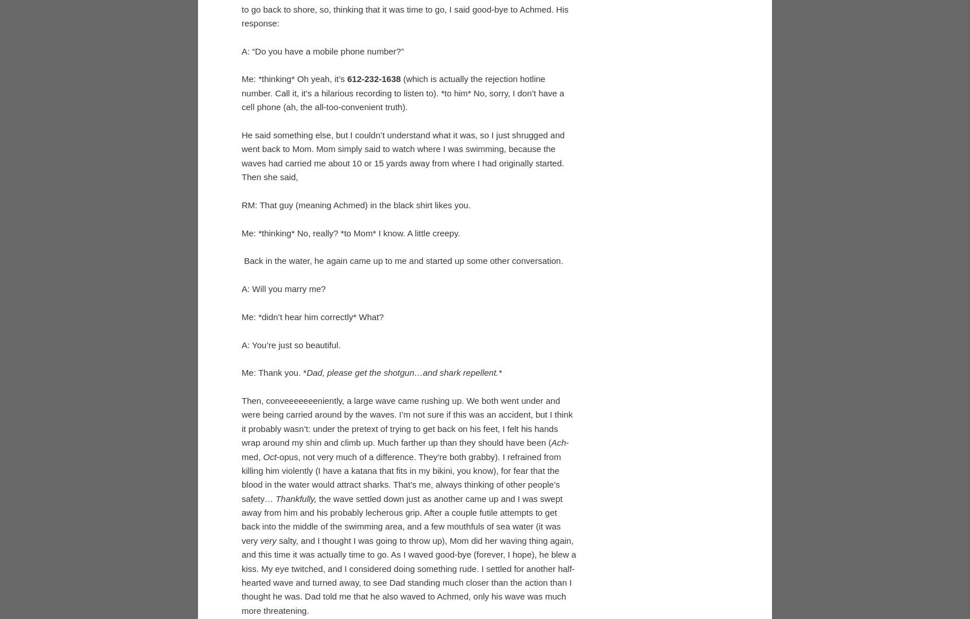 The width and height of the screenshot is (970, 619). Describe the element at coordinates (395, 119) in the screenshot. I see `'Then he said, “You look very beautiful.” Then my thought process changed to,'` at that location.